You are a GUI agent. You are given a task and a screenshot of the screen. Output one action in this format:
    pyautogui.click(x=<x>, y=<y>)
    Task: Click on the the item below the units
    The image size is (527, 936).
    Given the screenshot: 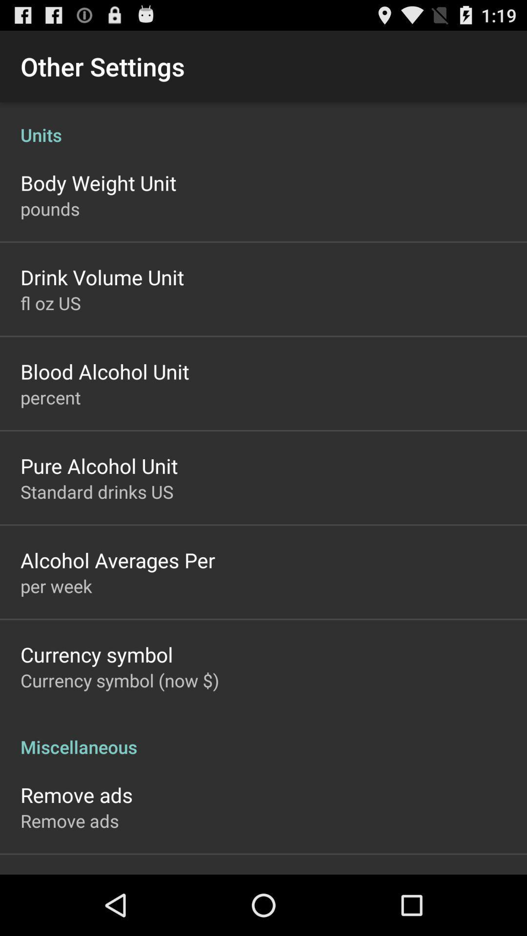 What is the action you would take?
    pyautogui.click(x=98, y=182)
    